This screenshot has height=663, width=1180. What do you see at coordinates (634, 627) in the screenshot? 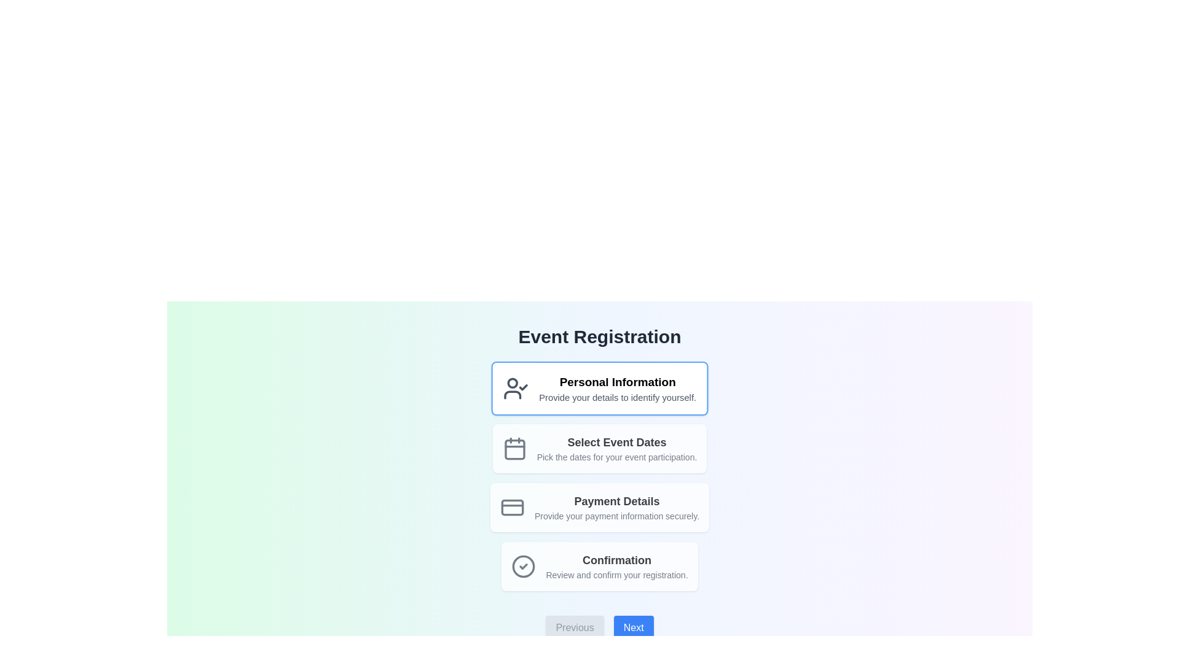
I see `the navigation button located at the bottom center of the interface, to the right of the gray 'Previous' button, to proceed to the next step in the multi-step process` at bounding box center [634, 627].